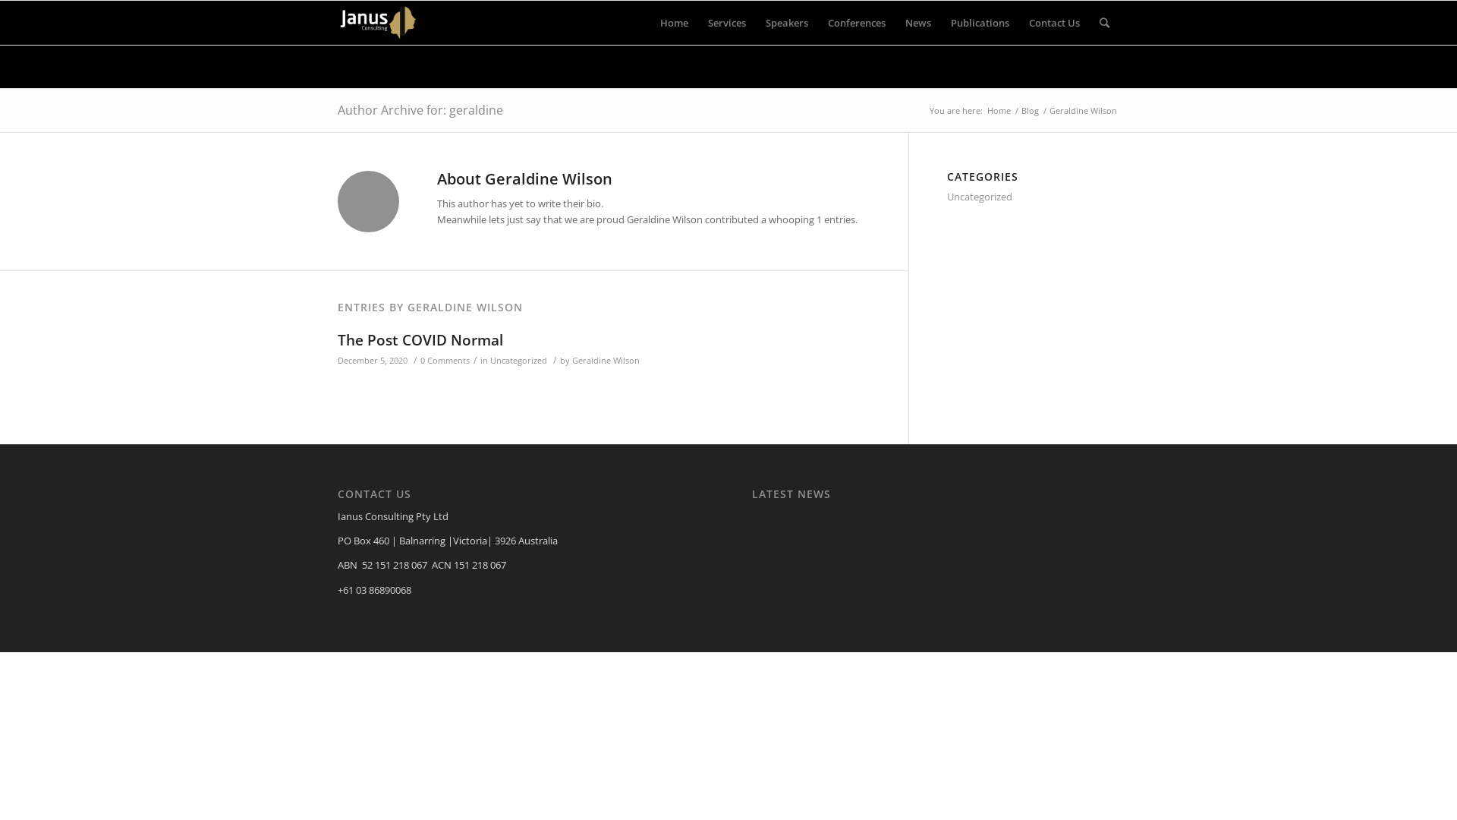 Image resolution: width=1457 pixels, height=820 pixels. I want to click on 'Home', so click(673, 23).